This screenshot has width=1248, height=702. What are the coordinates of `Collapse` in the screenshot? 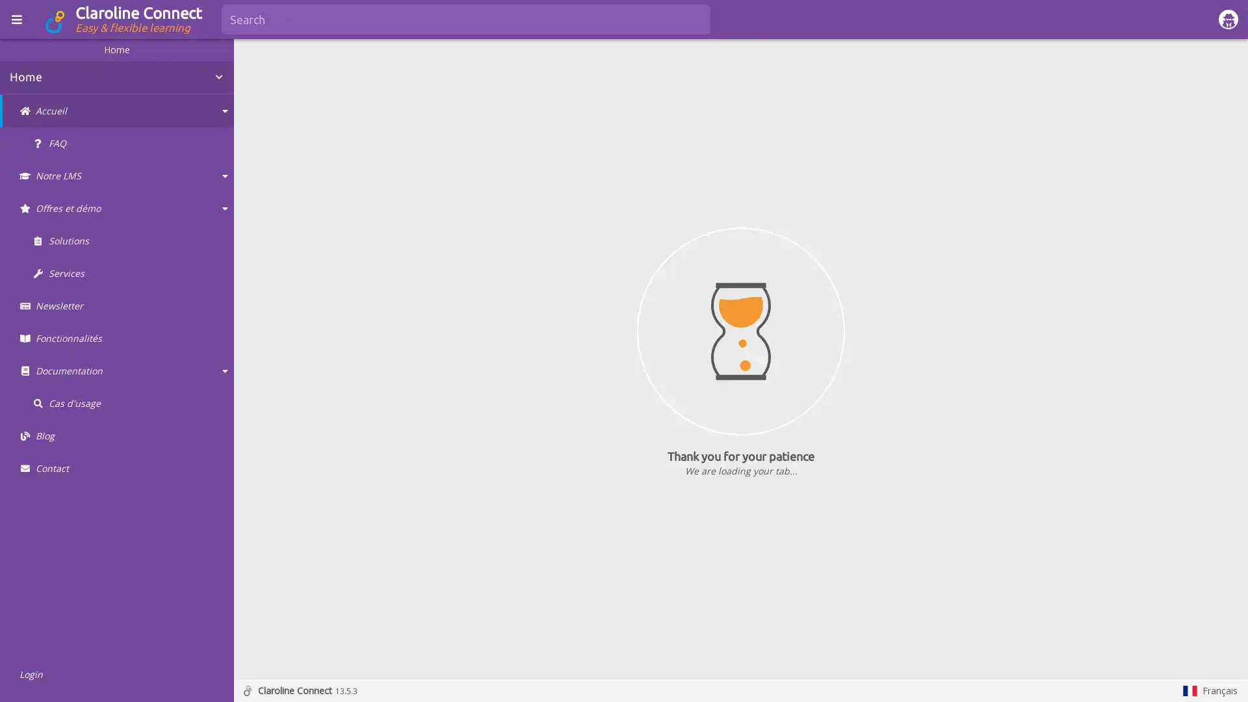 It's located at (224, 175).